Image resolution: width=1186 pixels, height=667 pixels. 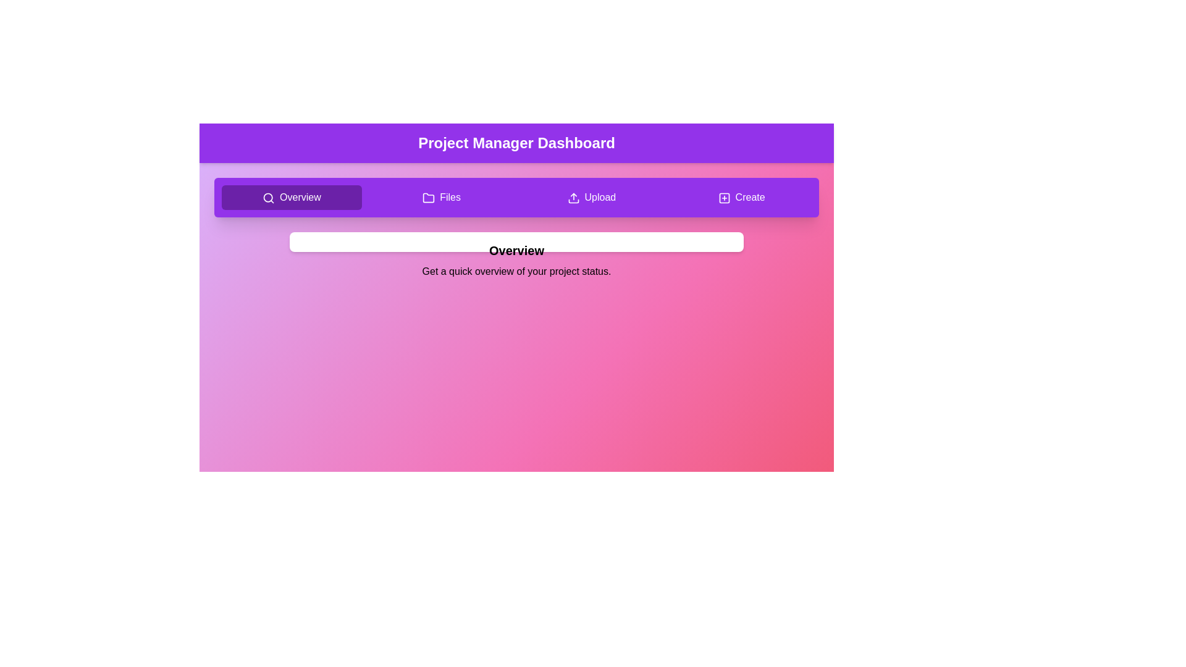 What do you see at coordinates (741, 197) in the screenshot?
I see `the navigation button labeled Create` at bounding box center [741, 197].